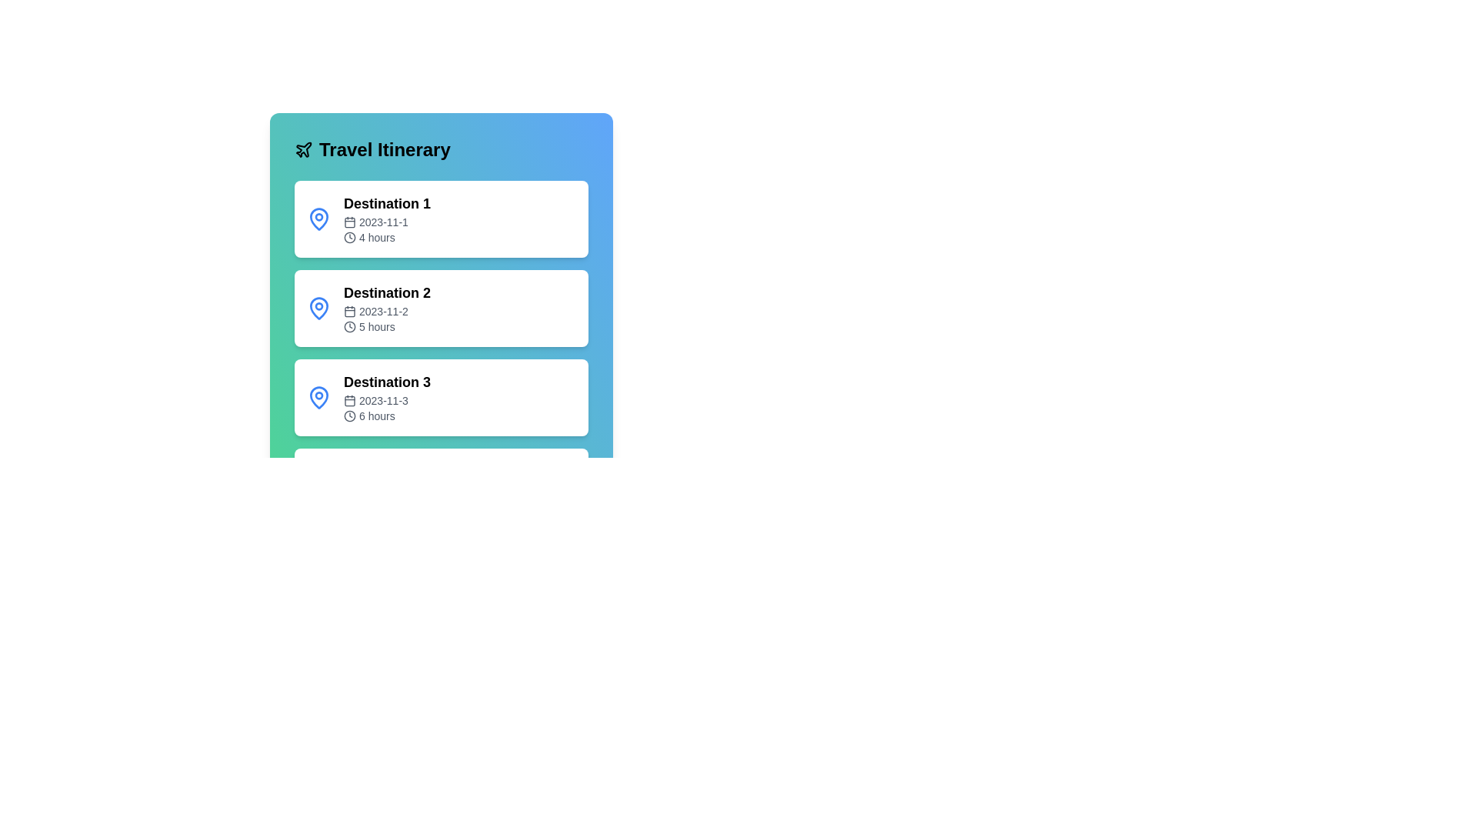  What do you see at coordinates (349, 325) in the screenshot?
I see `the clock icon located to the left of the text '5 hours' under 'Destination 2' in the list to indicate the time-related concept visually` at bounding box center [349, 325].